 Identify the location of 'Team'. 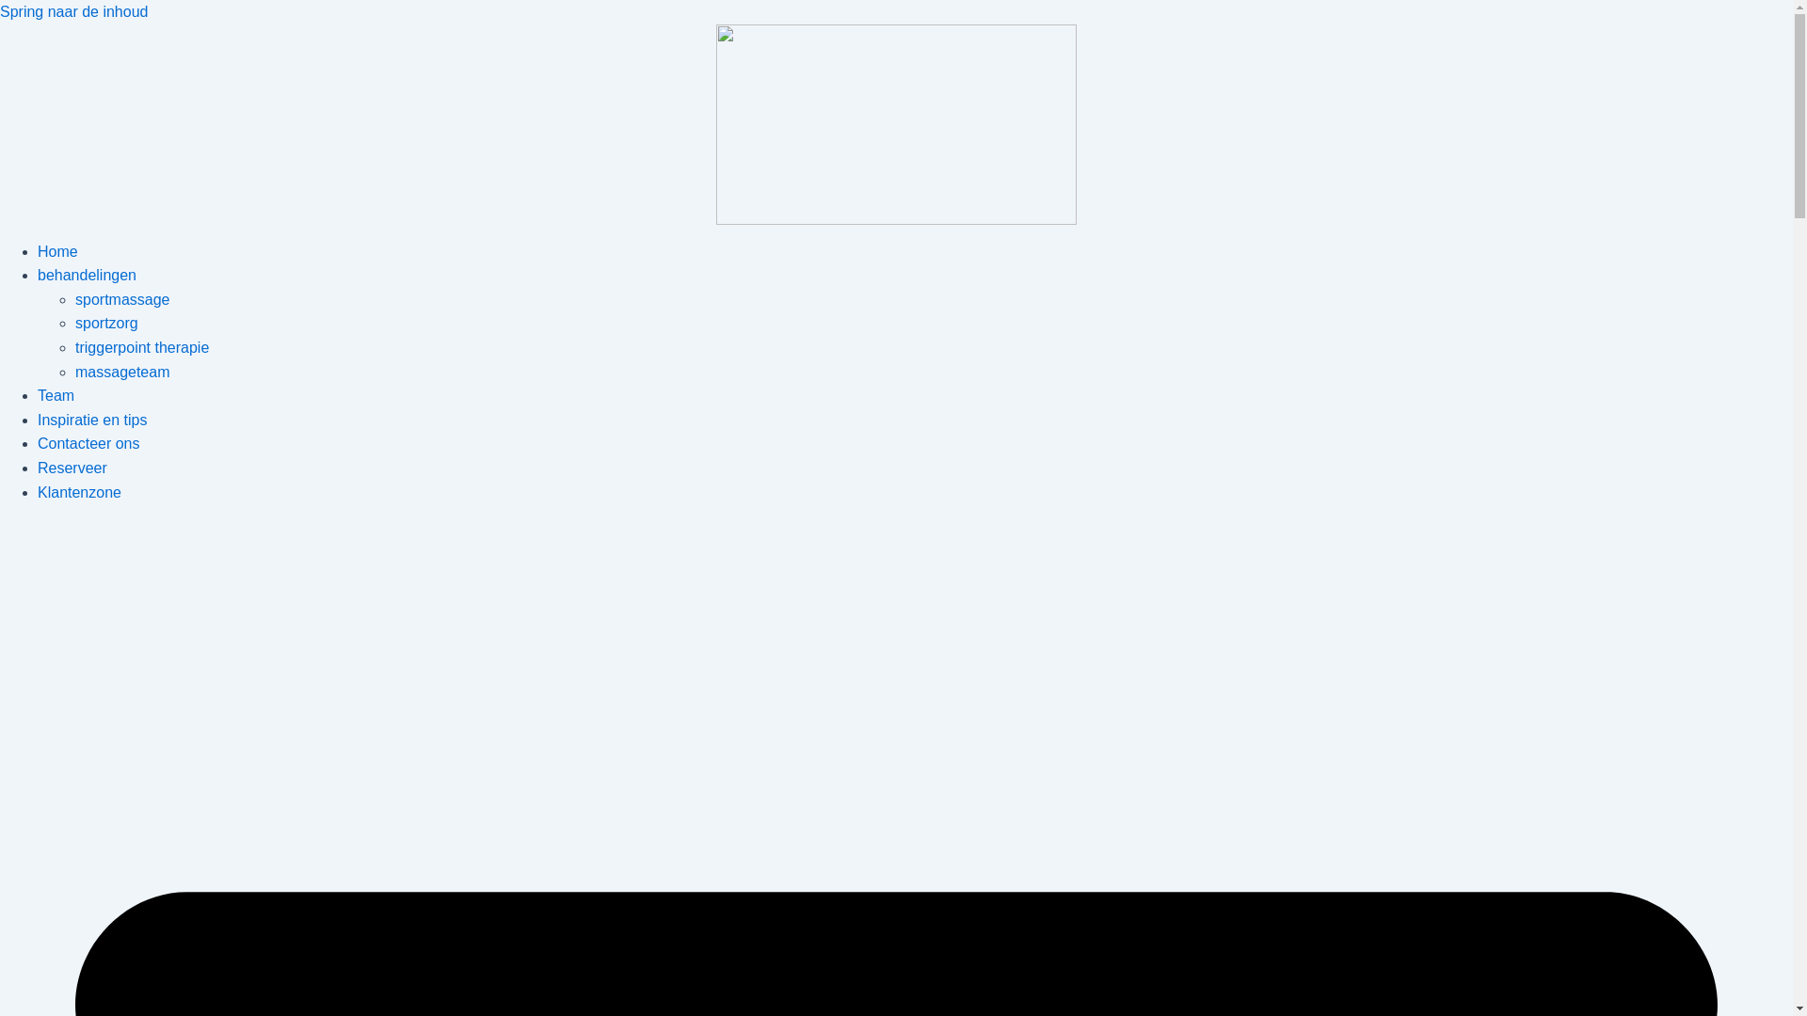
(56, 394).